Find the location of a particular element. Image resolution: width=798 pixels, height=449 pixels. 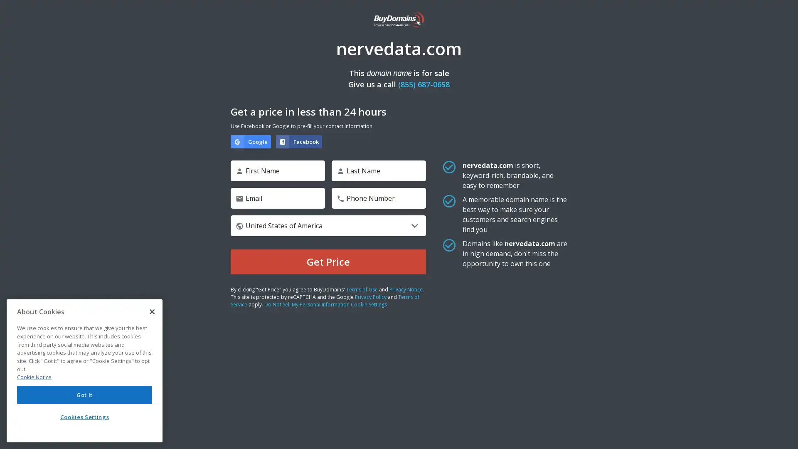

Get Price is located at coordinates (328, 261).